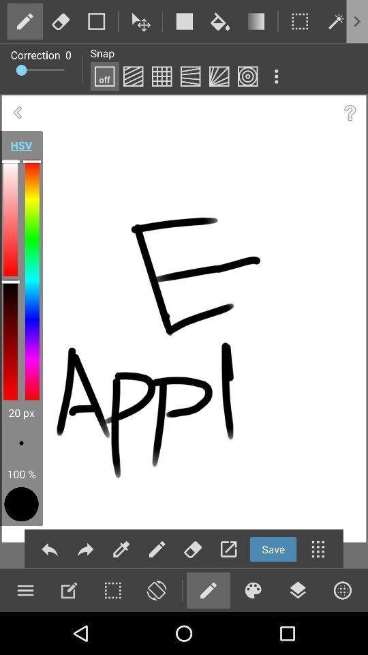 This screenshot has width=368, height=655. Describe the element at coordinates (228, 549) in the screenshot. I see `navigation` at that location.